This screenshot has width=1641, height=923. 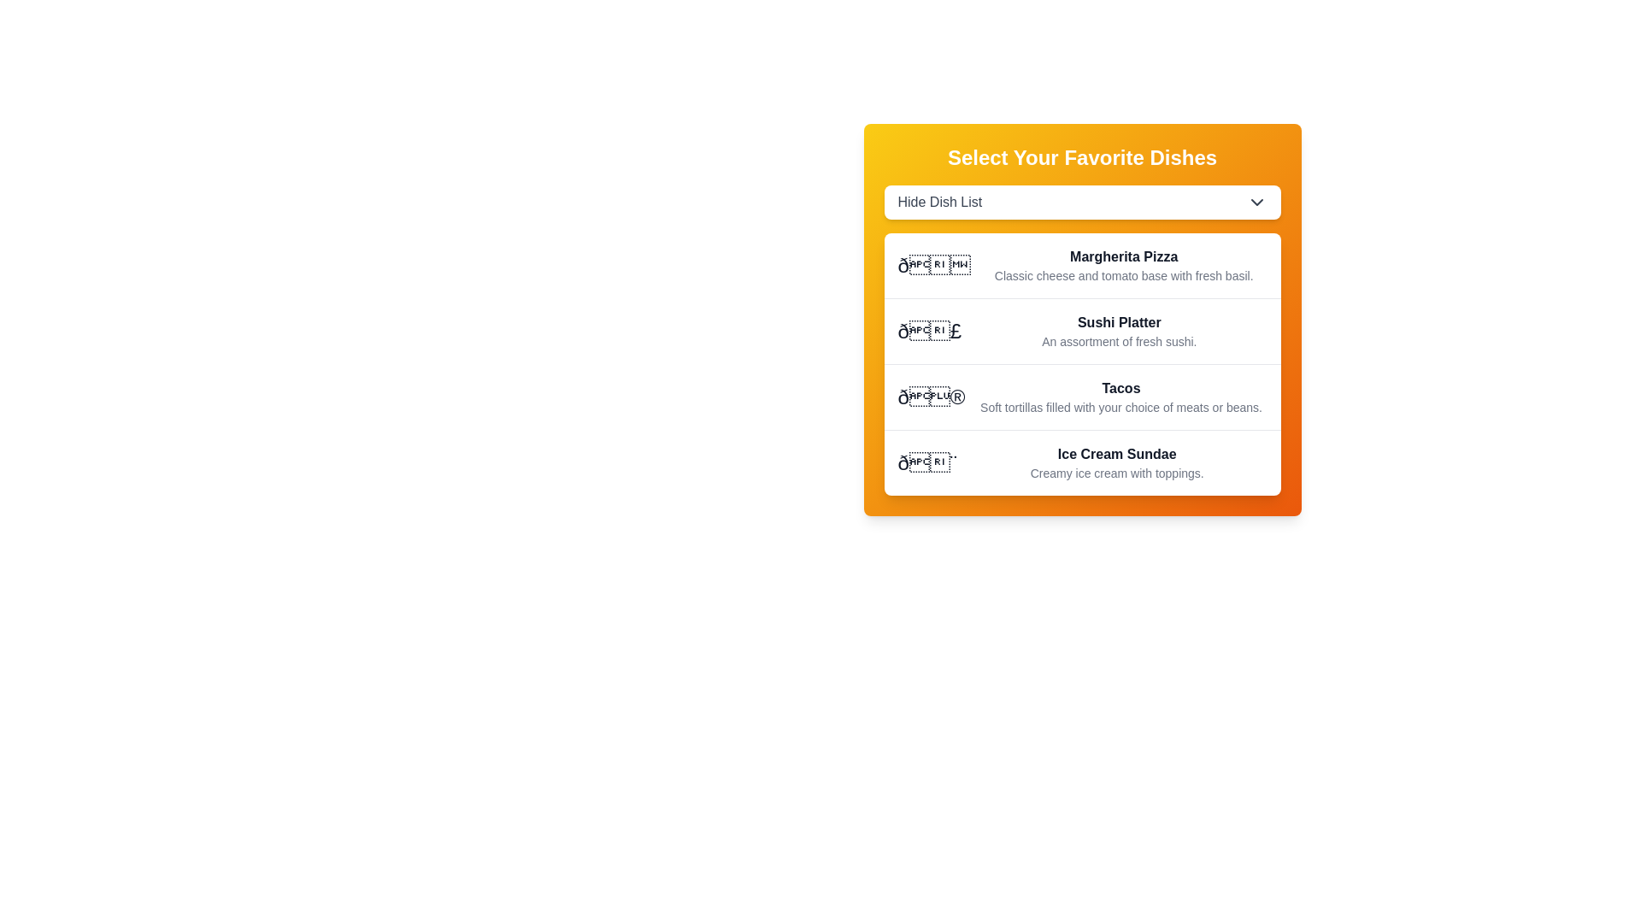 What do you see at coordinates (1117, 473) in the screenshot?
I see `the static text that reads 'Creamy ice cream with toppings.' positioned below the title 'Ice Cream Sundae' in the dish selection interface` at bounding box center [1117, 473].